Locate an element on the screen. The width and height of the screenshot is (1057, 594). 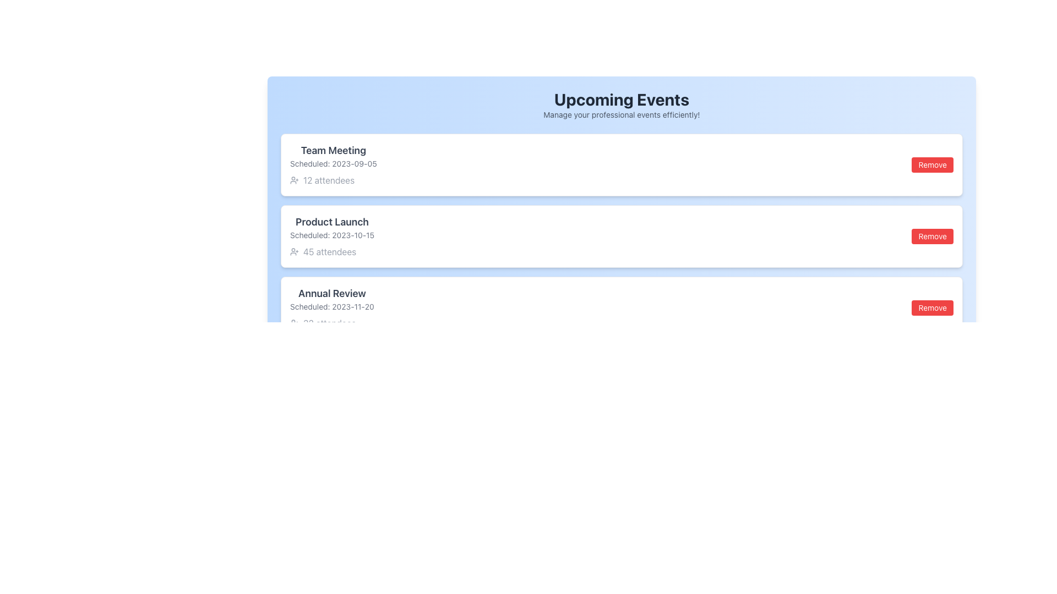
the non-interactive Text Label that displays the scheduled date for the event, located below the title 'Annual Review' and above the information about '32 attendees' is located at coordinates (331, 307).